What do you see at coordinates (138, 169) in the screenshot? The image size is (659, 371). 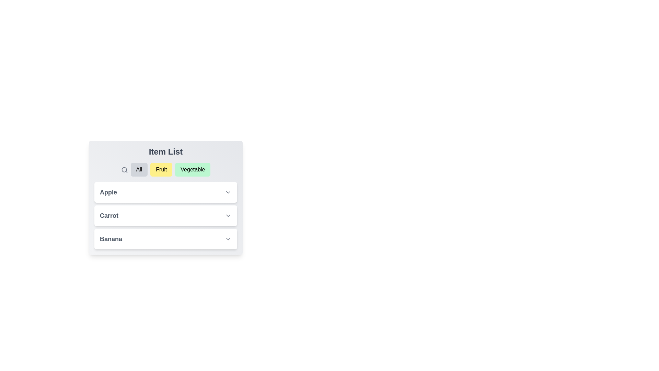 I see `'All' button to display all items` at bounding box center [138, 169].